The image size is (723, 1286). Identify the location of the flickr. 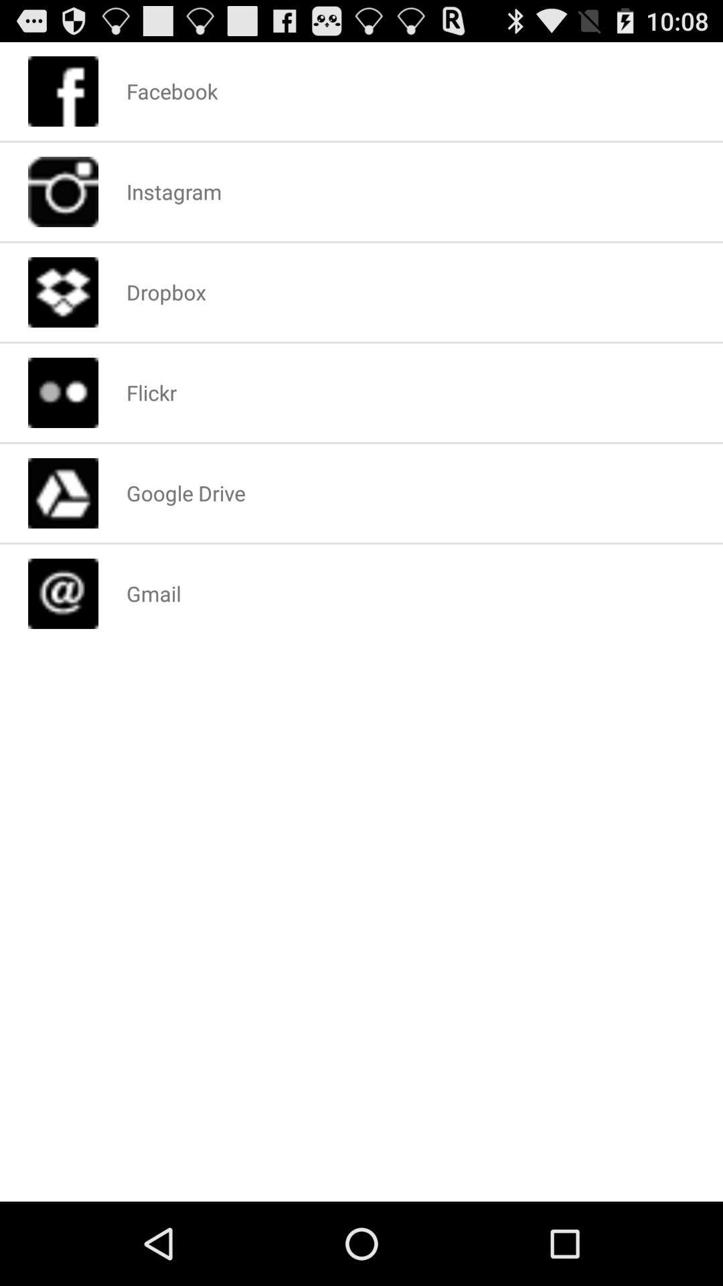
(151, 392).